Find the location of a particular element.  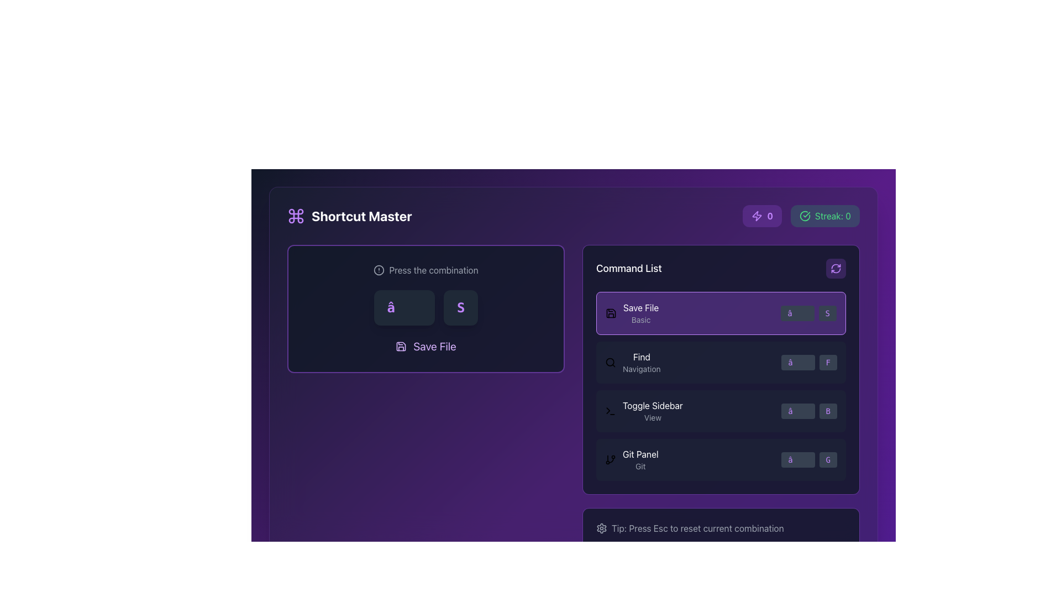

the instructional Text label with accompanying icon located near the upper-left corner of the central content box, situated above highlighted items and the 'Save File' label is located at coordinates (426, 270).